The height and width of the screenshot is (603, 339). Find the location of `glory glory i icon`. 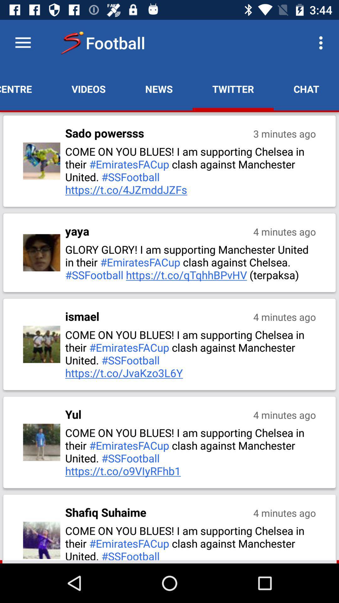

glory glory i icon is located at coordinates (191, 262).